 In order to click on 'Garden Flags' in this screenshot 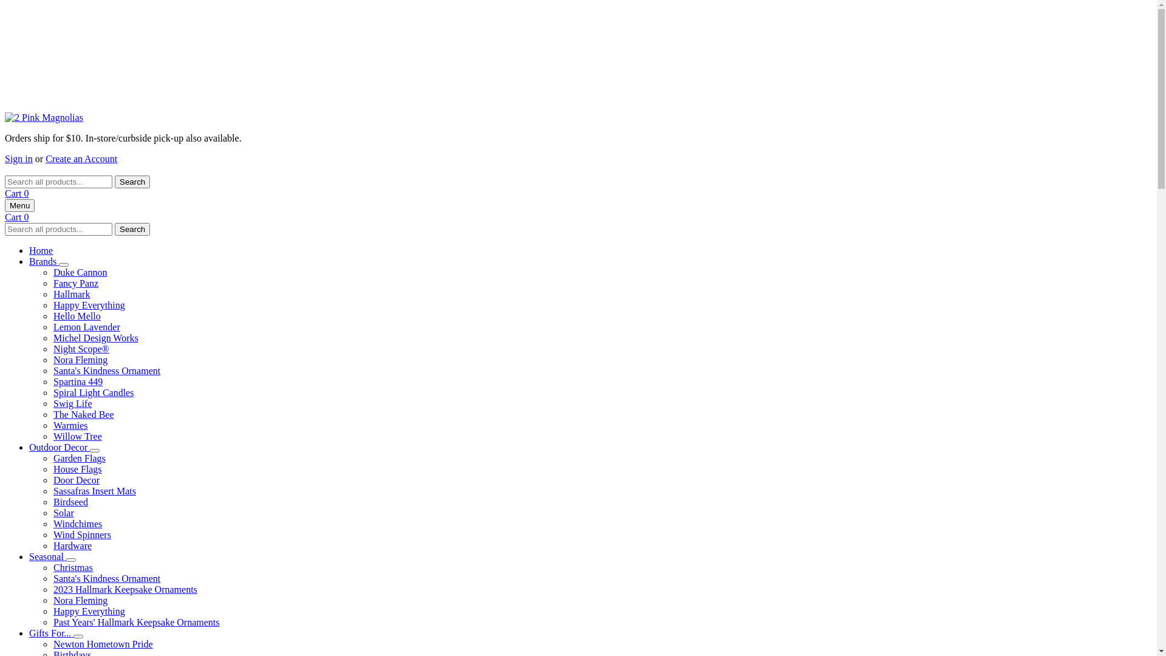, I will do `click(78, 458)`.